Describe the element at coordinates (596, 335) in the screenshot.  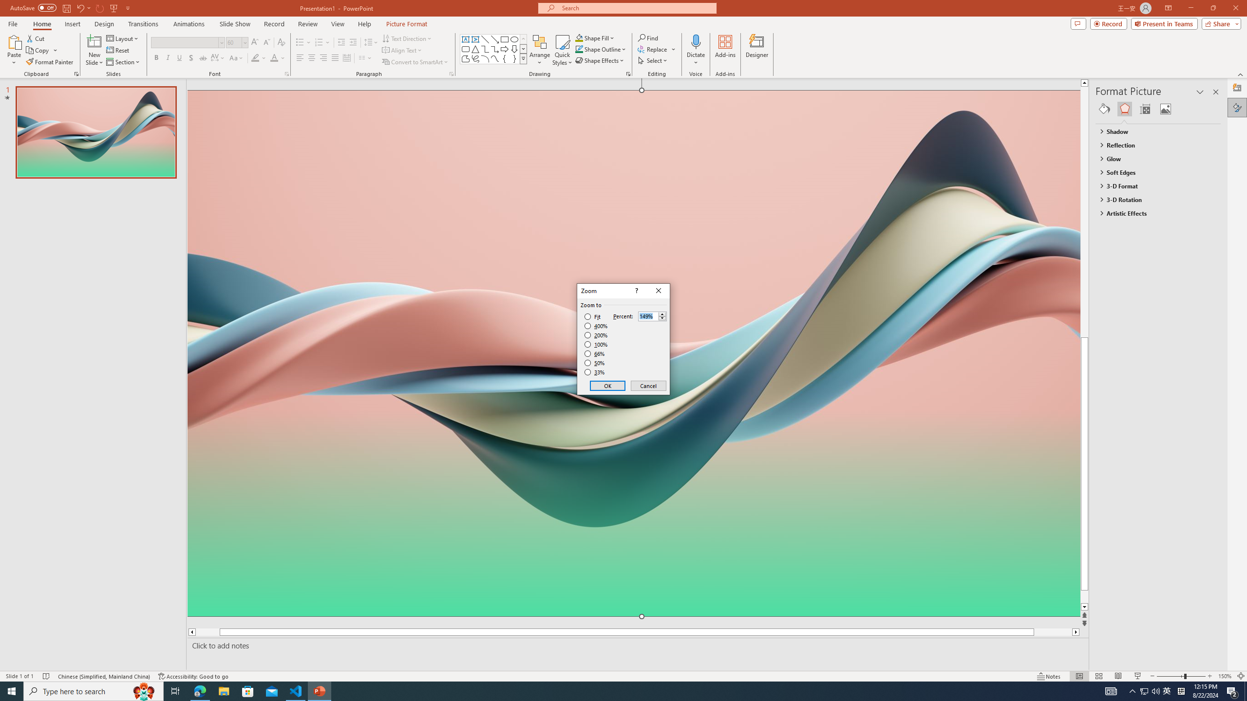
I see `'200%'` at that location.